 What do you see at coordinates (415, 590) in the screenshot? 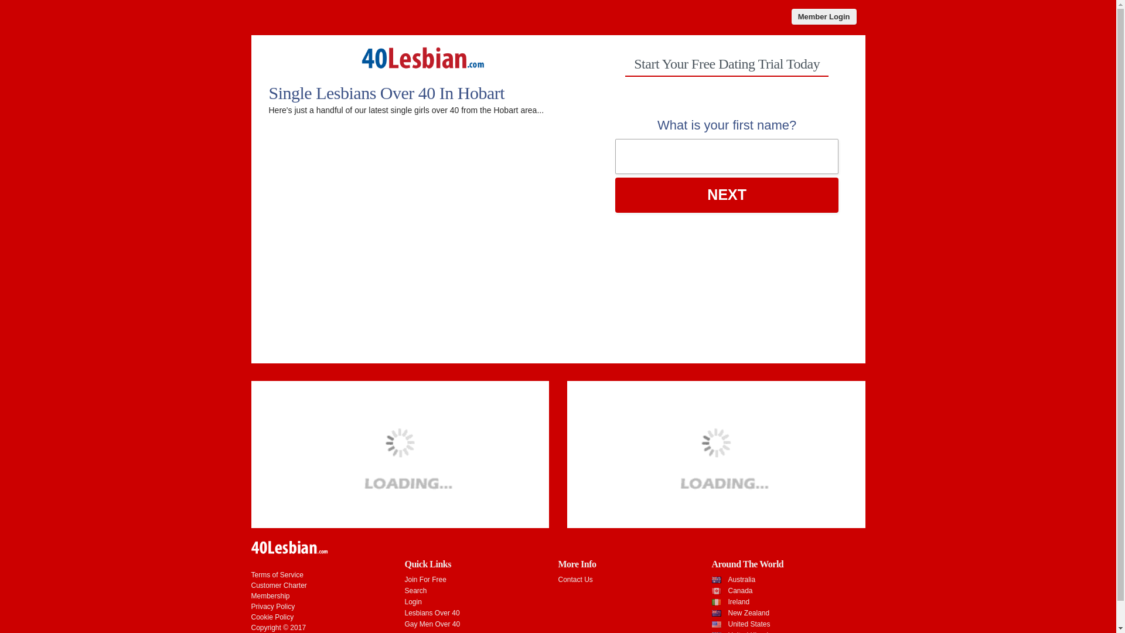
I see `'Search'` at bounding box center [415, 590].